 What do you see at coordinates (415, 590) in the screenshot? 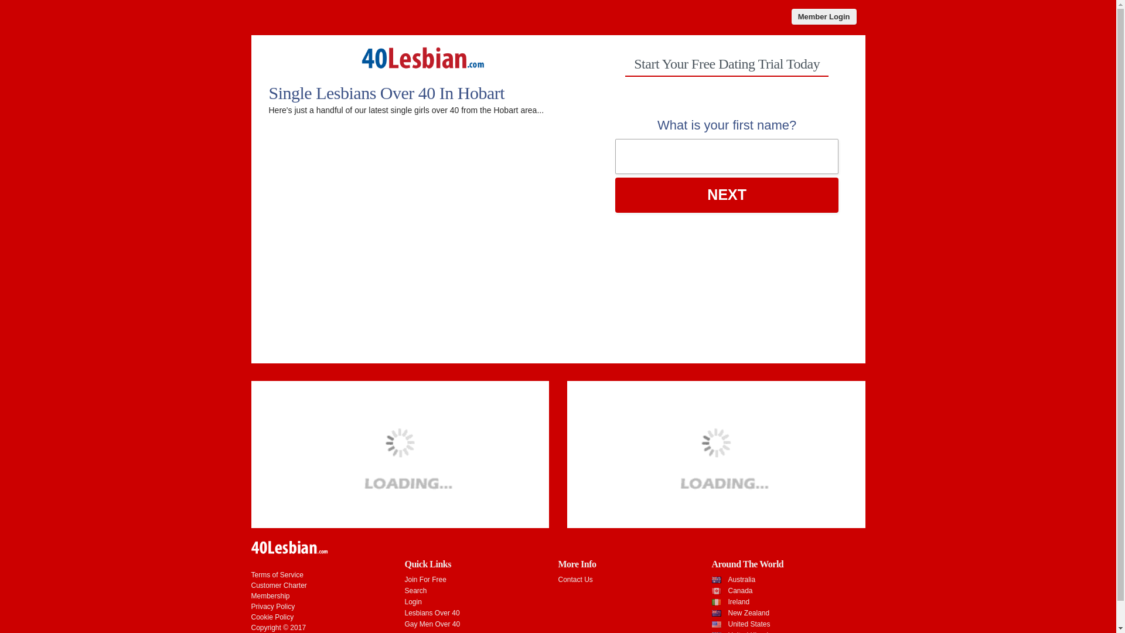
I see `'Search'` at bounding box center [415, 590].